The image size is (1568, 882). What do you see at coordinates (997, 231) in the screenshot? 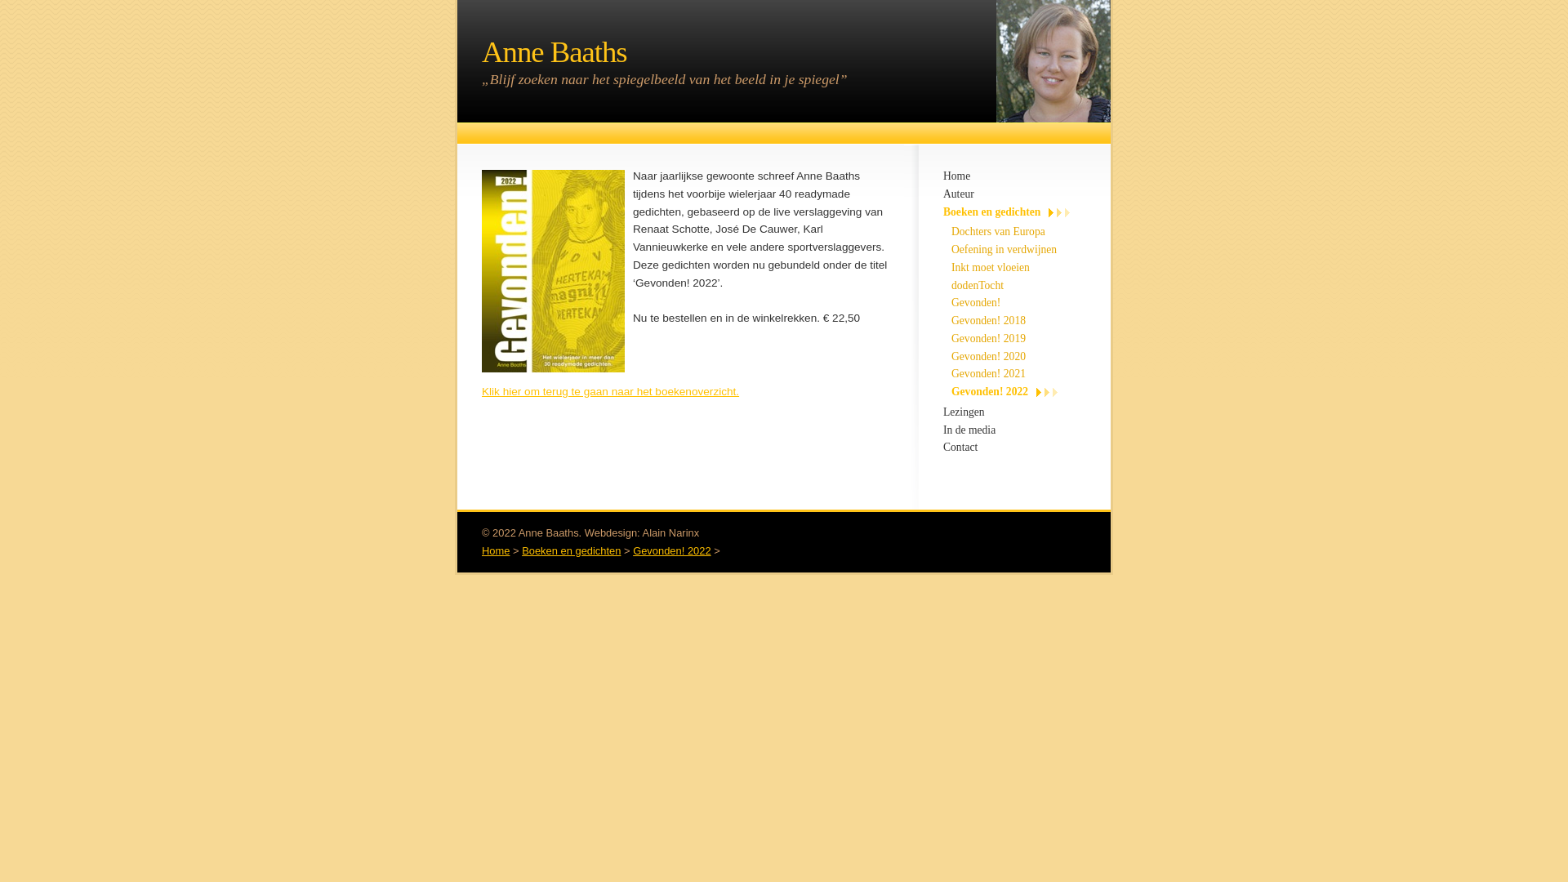
I see `'Dochters van Europa'` at bounding box center [997, 231].